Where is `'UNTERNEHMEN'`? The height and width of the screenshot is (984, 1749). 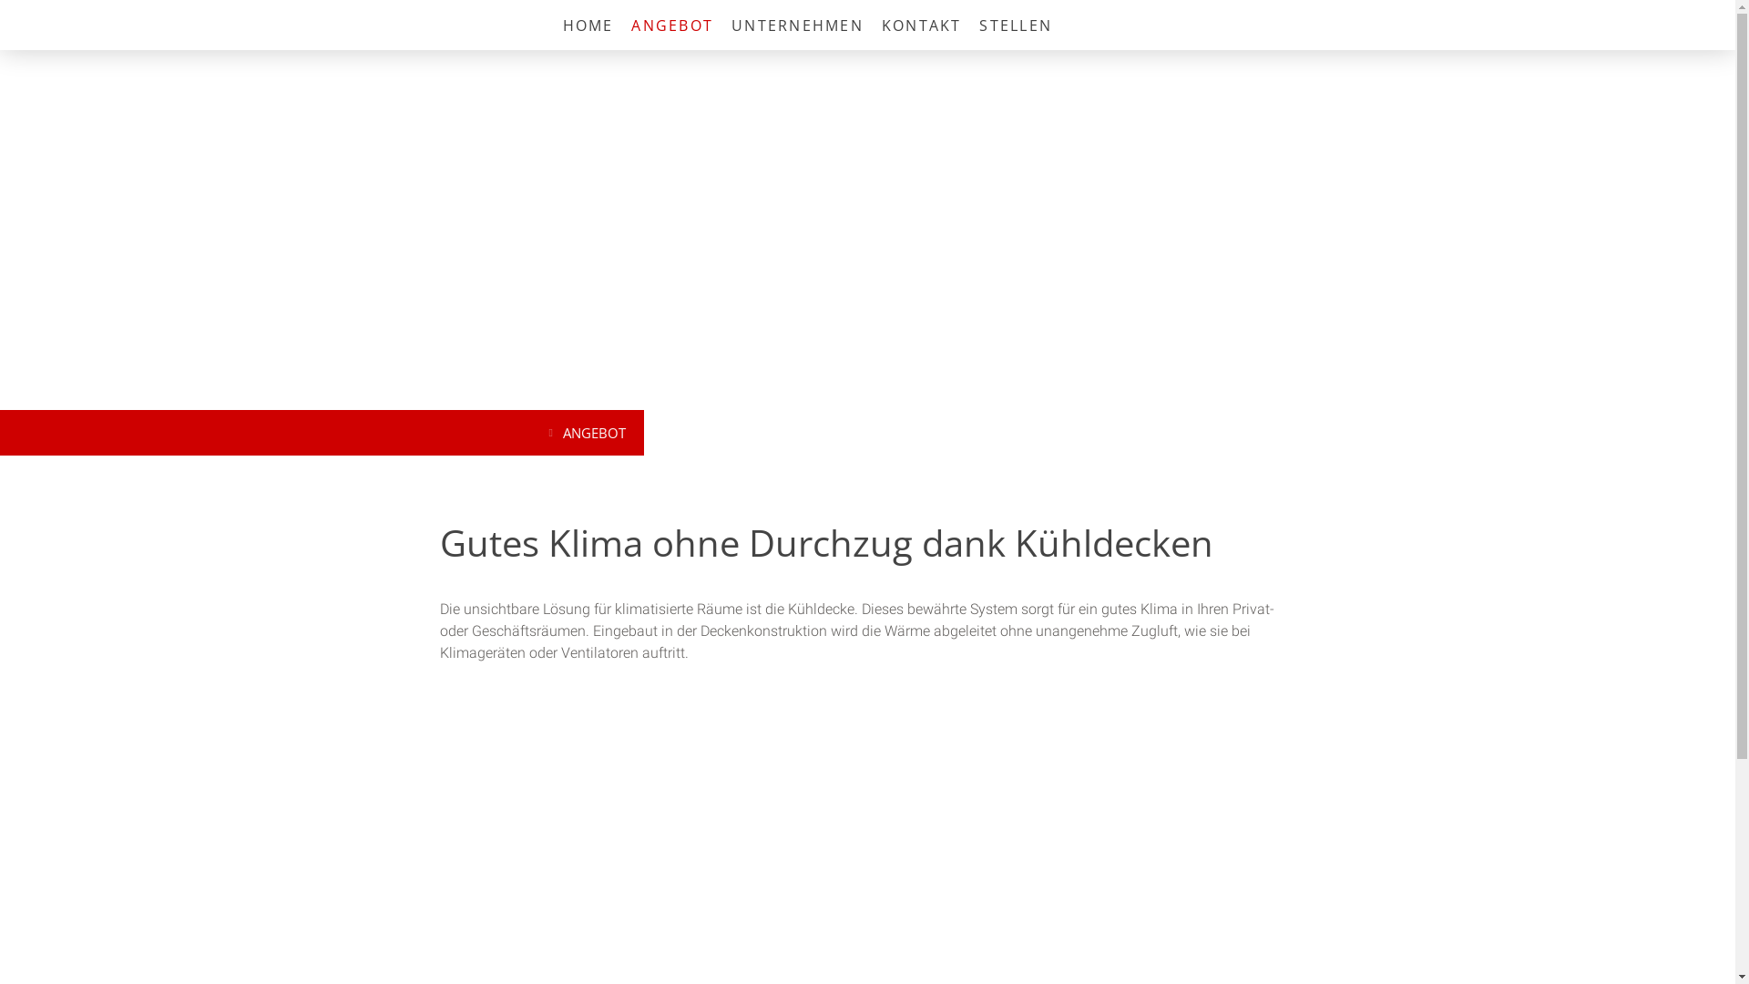
'UNTERNEHMEN' is located at coordinates (797, 25).